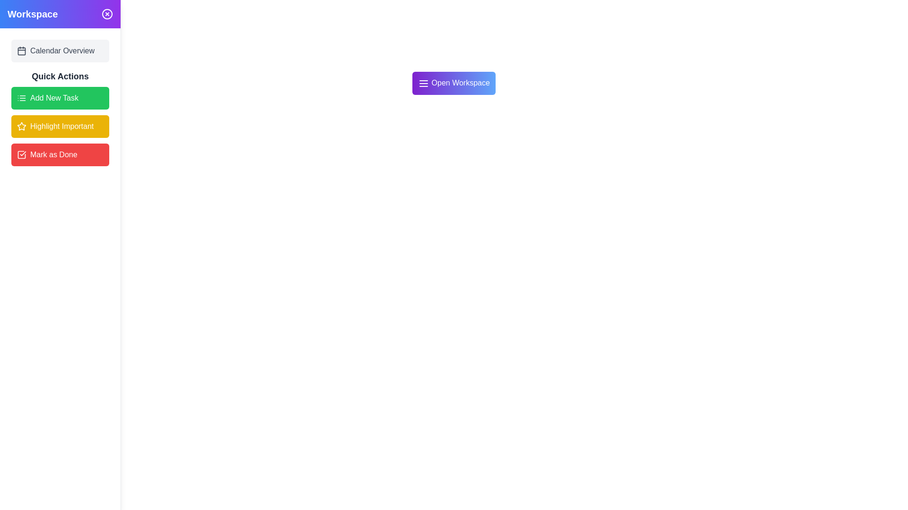 This screenshot has width=908, height=510. What do you see at coordinates (107, 14) in the screenshot?
I see `the red cross icon button located` at bounding box center [107, 14].